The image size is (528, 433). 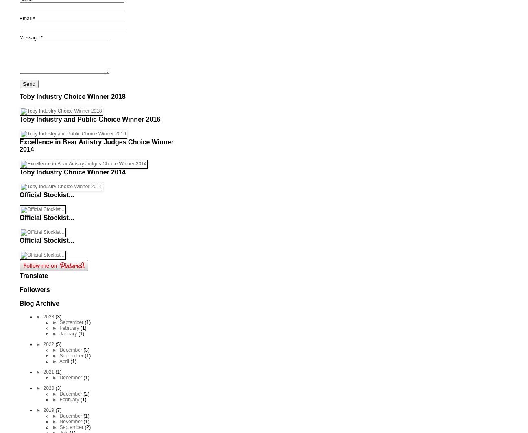 What do you see at coordinates (49, 388) in the screenshot?
I see `'2020'` at bounding box center [49, 388].